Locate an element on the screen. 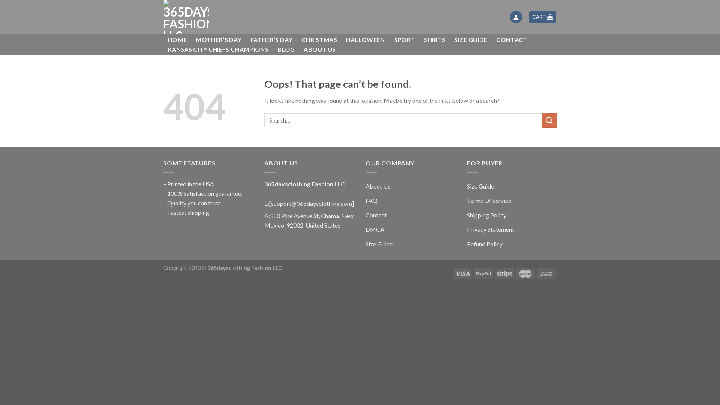 This screenshot has height=405, width=720. 'About Us' is located at coordinates (378, 186).